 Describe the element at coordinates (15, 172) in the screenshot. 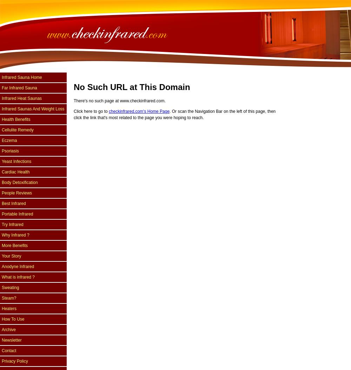

I see `'Cardiac Health'` at that location.